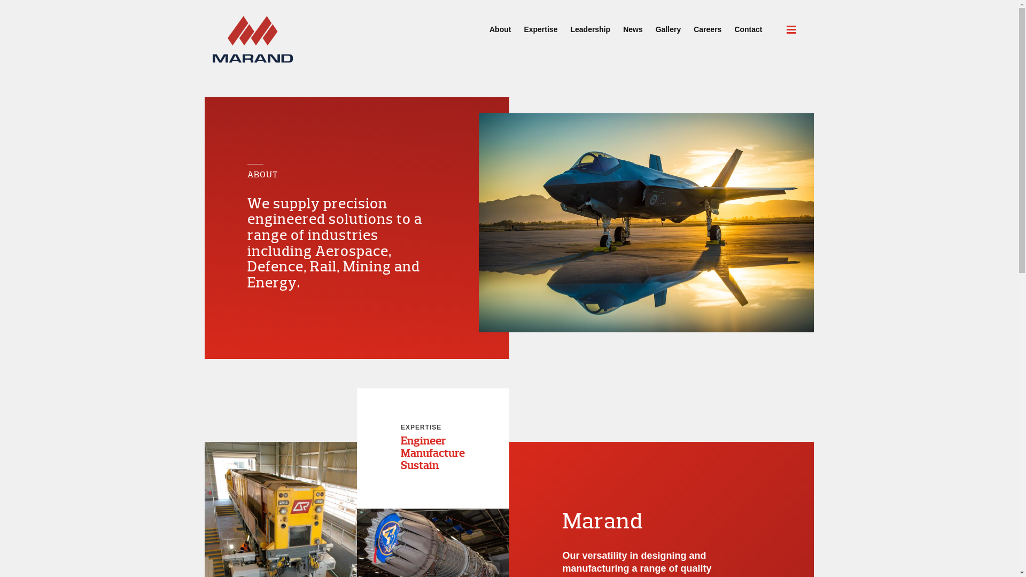  What do you see at coordinates (633, 24) in the screenshot?
I see `'News'` at bounding box center [633, 24].